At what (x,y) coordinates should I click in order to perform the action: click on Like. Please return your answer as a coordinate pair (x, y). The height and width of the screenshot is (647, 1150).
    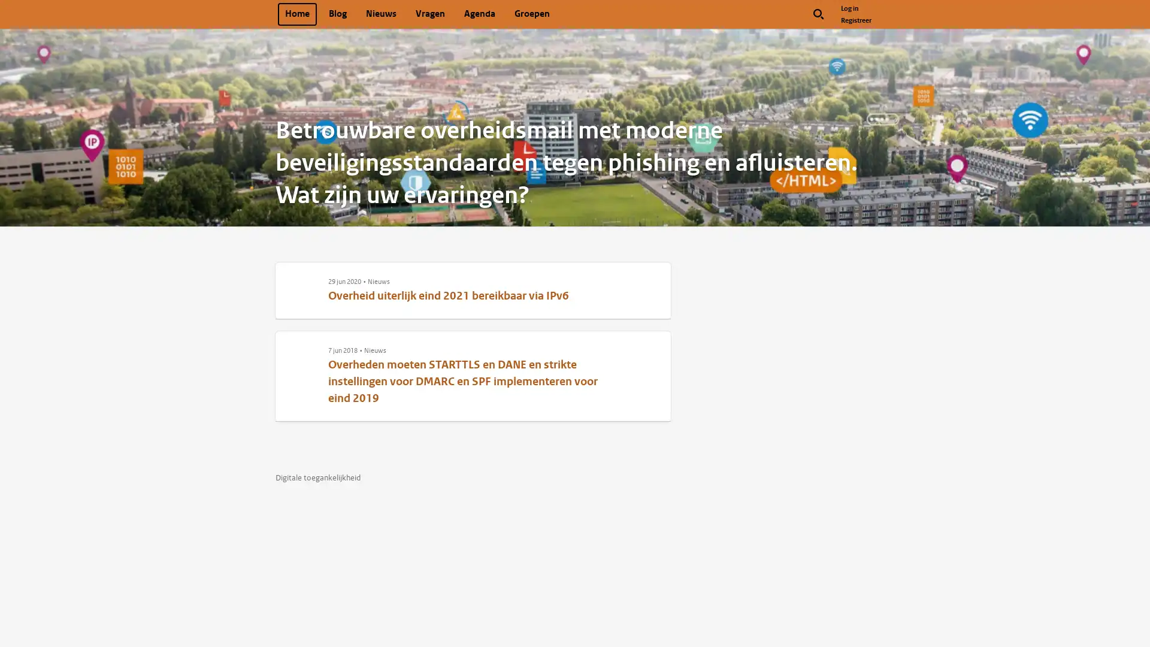
    Looking at the image, I should click on (473, 457).